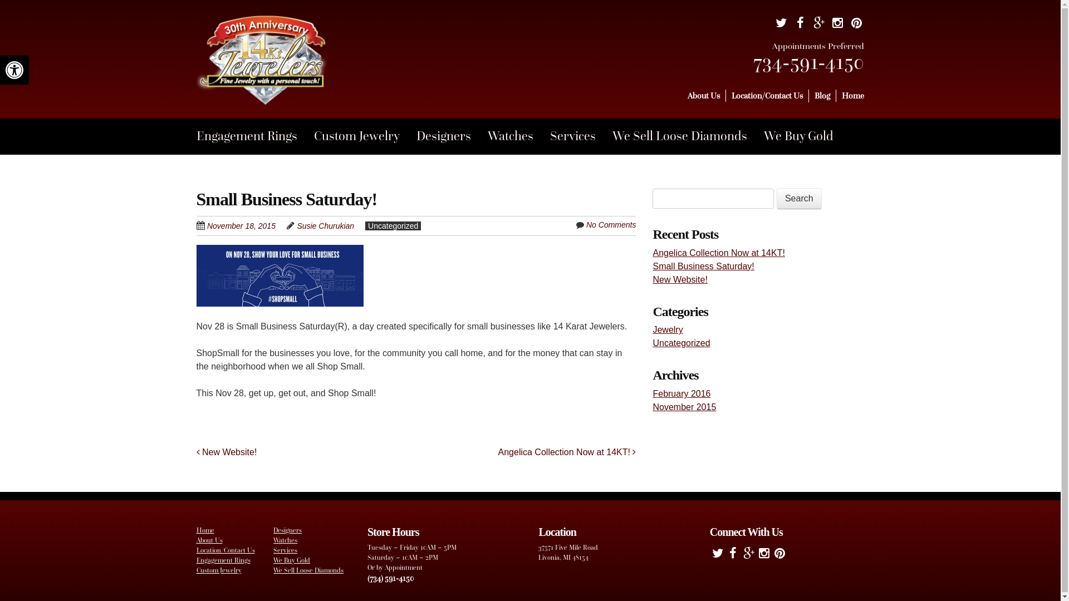 This screenshot has height=601, width=1069. I want to click on 'Connect with me on Google+', so click(818, 25).